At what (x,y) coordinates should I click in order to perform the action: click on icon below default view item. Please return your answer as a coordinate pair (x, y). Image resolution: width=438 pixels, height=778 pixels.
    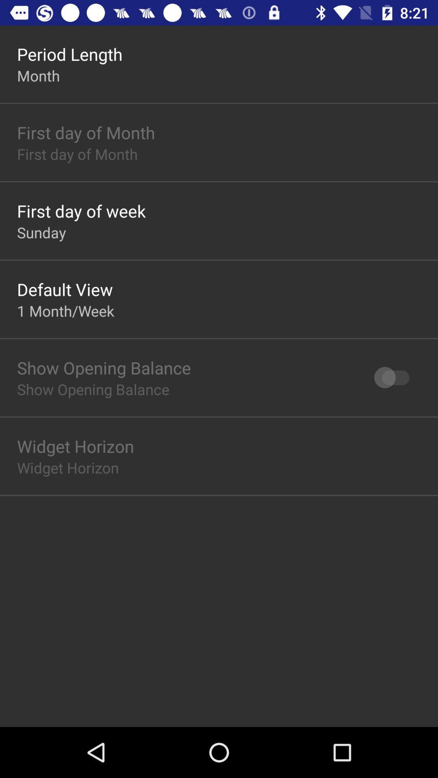
    Looking at the image, I should click on (65, 310).